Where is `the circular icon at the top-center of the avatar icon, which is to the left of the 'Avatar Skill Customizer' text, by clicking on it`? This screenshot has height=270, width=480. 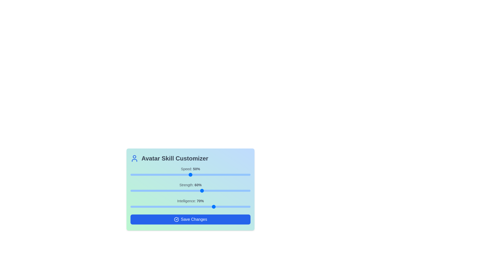
the circular icon at the top-center of the avatar icon, which is to the left of the 'Avatar Skill Customizer' text, by clicking on it is located at coordinates (134, 156).